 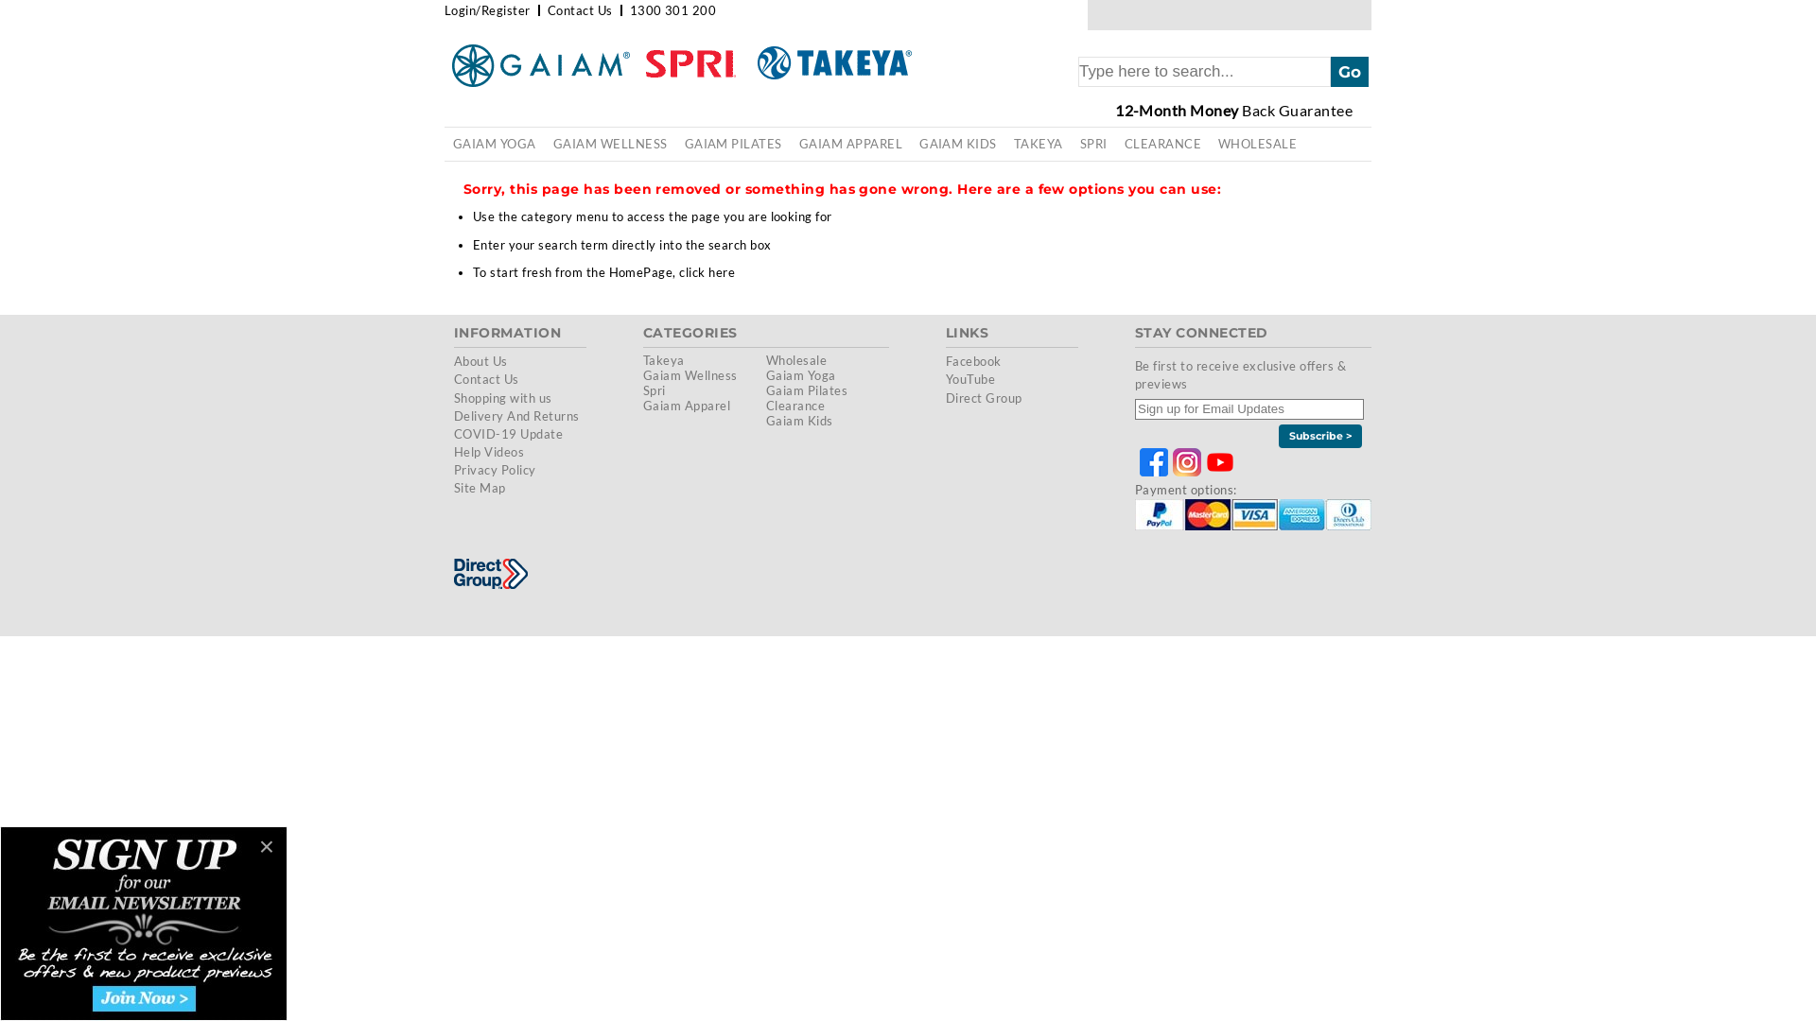 What do you see at coordinates (495, 469) in the screenshot?
I see `'Privacy Policy'` at bounding box center [495, 469].